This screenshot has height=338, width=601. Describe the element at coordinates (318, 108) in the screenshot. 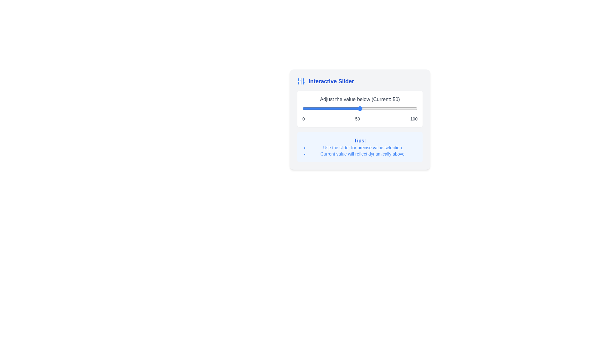

I see `the slider value` at that location.